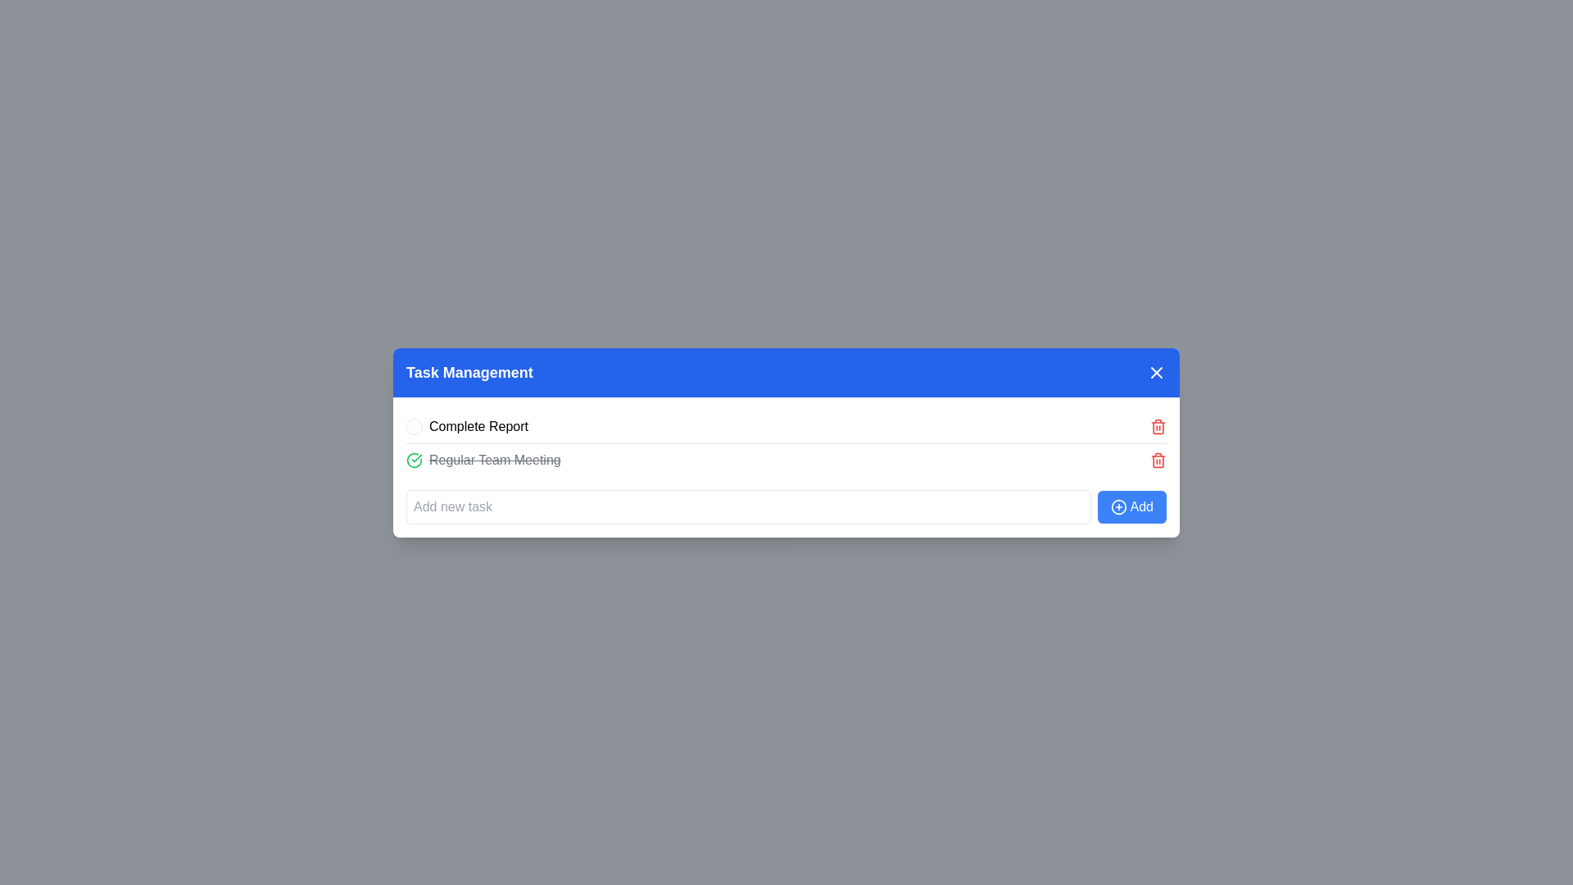 The width and height of the screenshot is (1573, 885). I want to click on the green circular checkmark icon located to the left of the text 'Regular Team Meeting' in the task list, which indicates a completed state, so click(414, 460).